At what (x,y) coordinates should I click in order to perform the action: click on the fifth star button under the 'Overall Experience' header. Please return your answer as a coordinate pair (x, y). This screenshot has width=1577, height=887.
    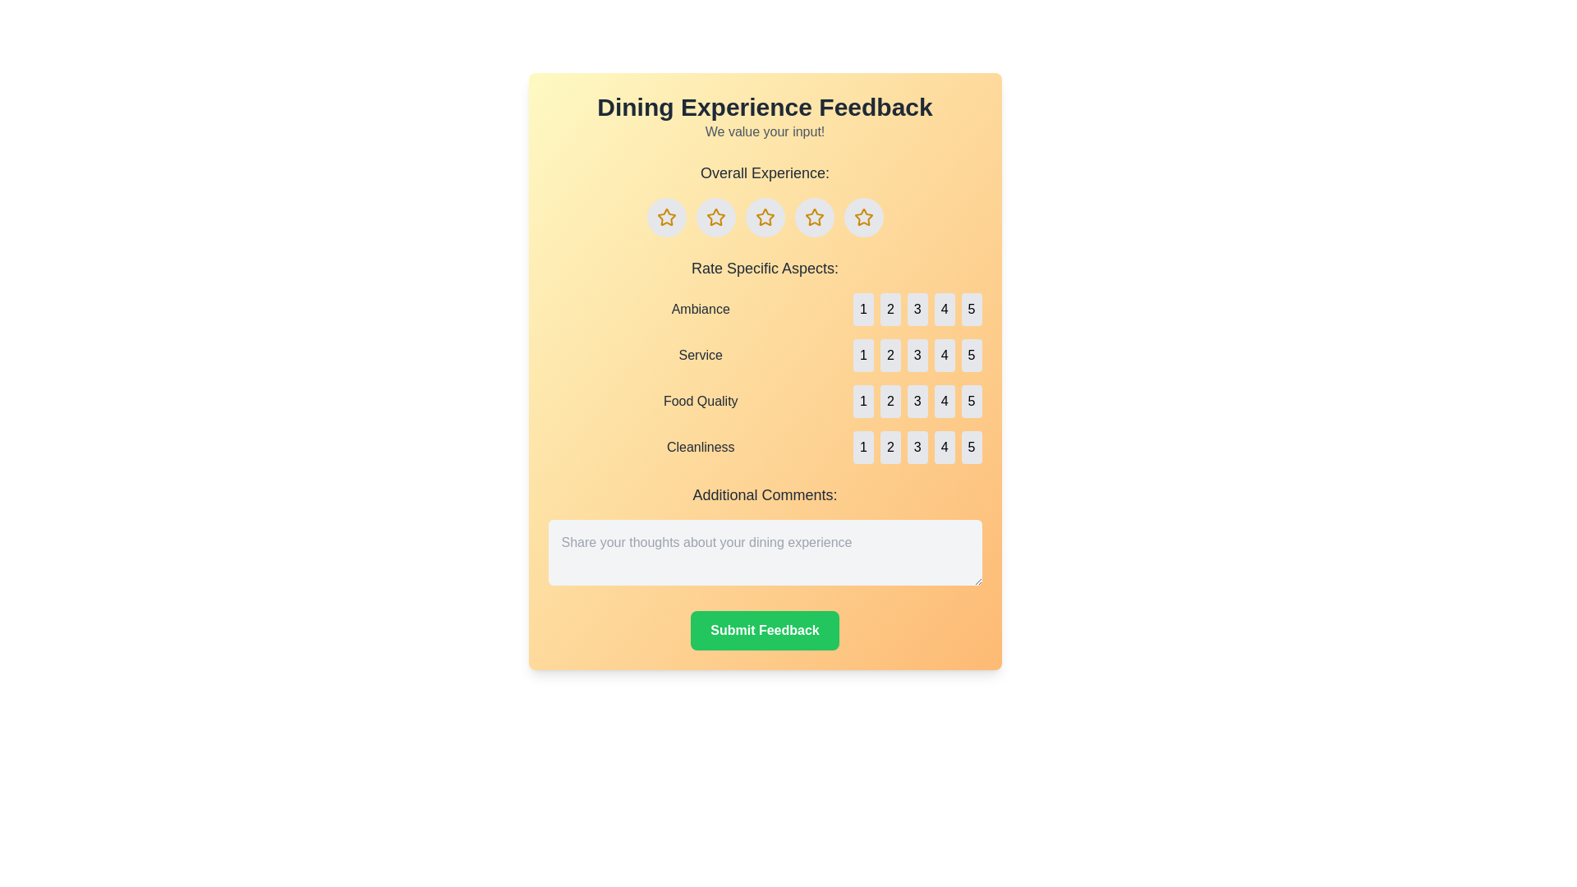
    Looking at the image, I should click on (862, 217).